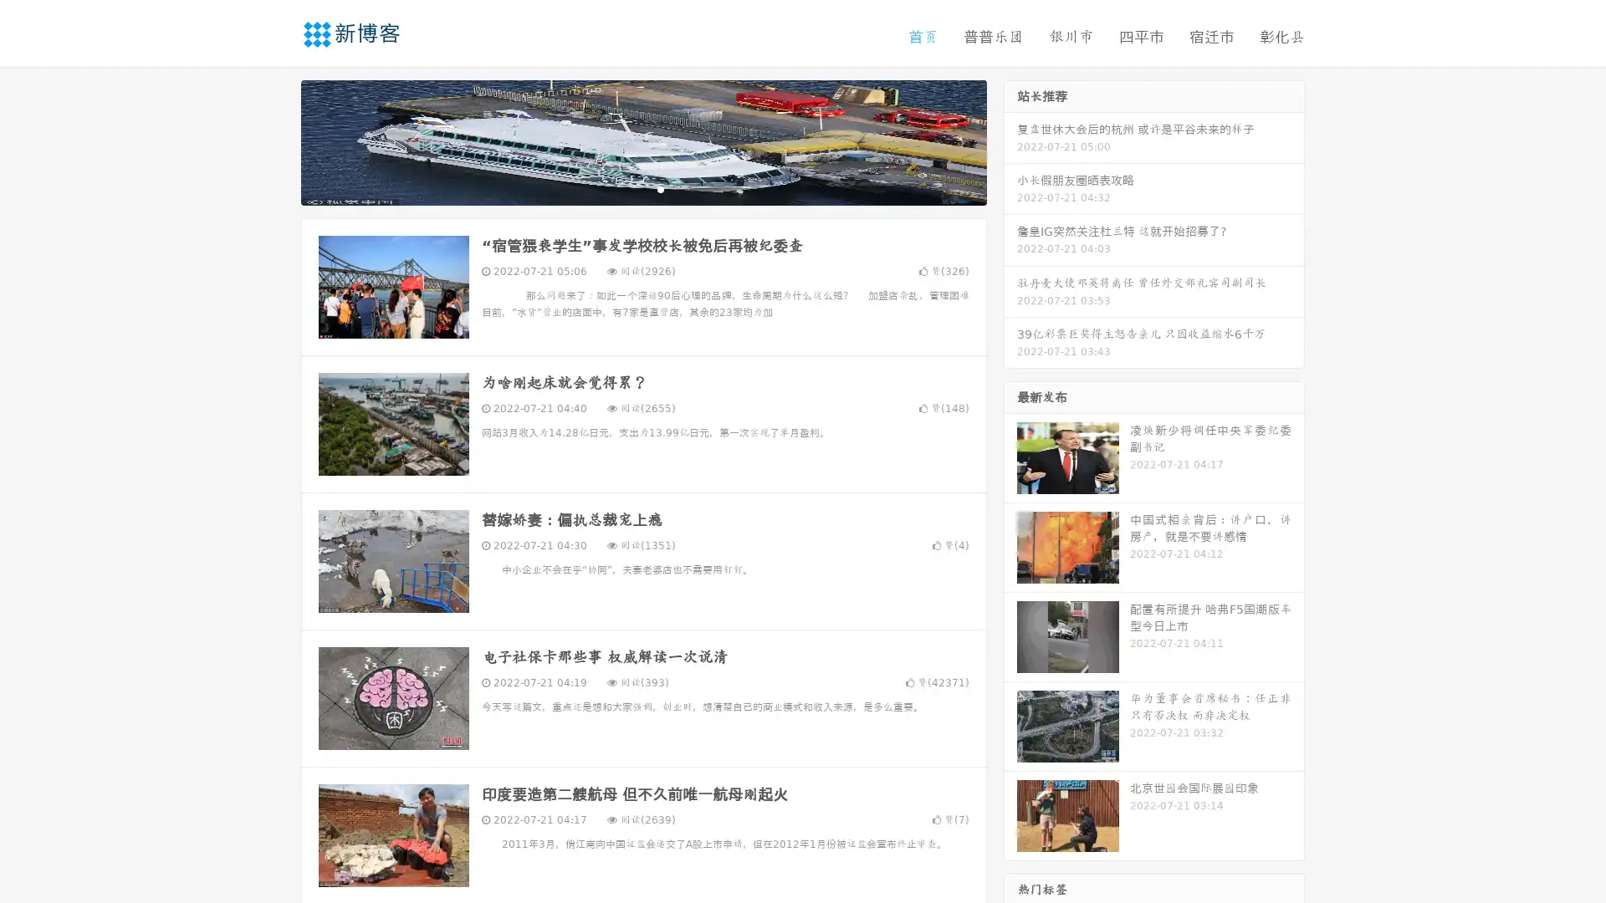 The width and height of the screenshot is (1606, 903). What do you see at coordinates (276, 140) in the screenshot?
I see `Previous slide` at bounding box center [276, 140].